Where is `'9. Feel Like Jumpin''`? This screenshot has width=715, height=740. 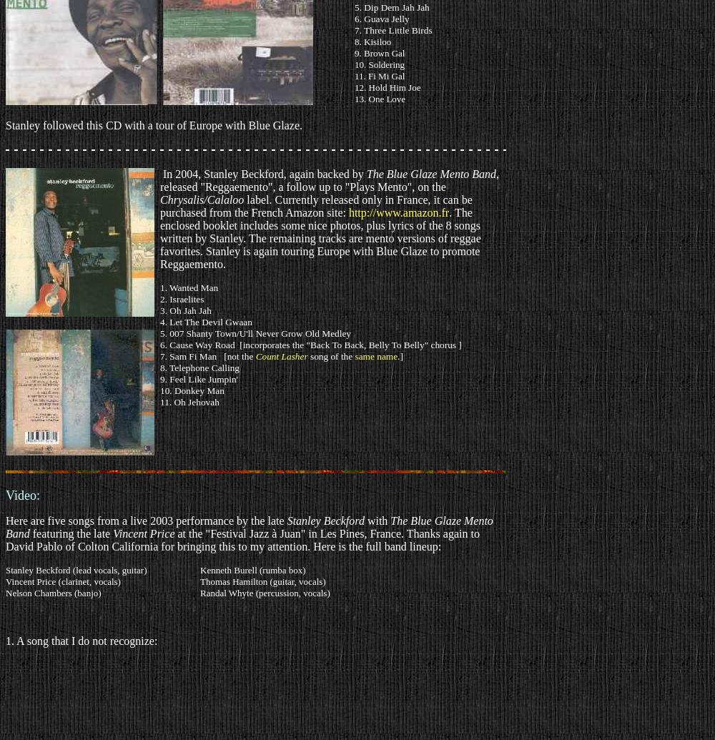 '9. Feel Like Jumpin'' is located at coordinates (199, 378).